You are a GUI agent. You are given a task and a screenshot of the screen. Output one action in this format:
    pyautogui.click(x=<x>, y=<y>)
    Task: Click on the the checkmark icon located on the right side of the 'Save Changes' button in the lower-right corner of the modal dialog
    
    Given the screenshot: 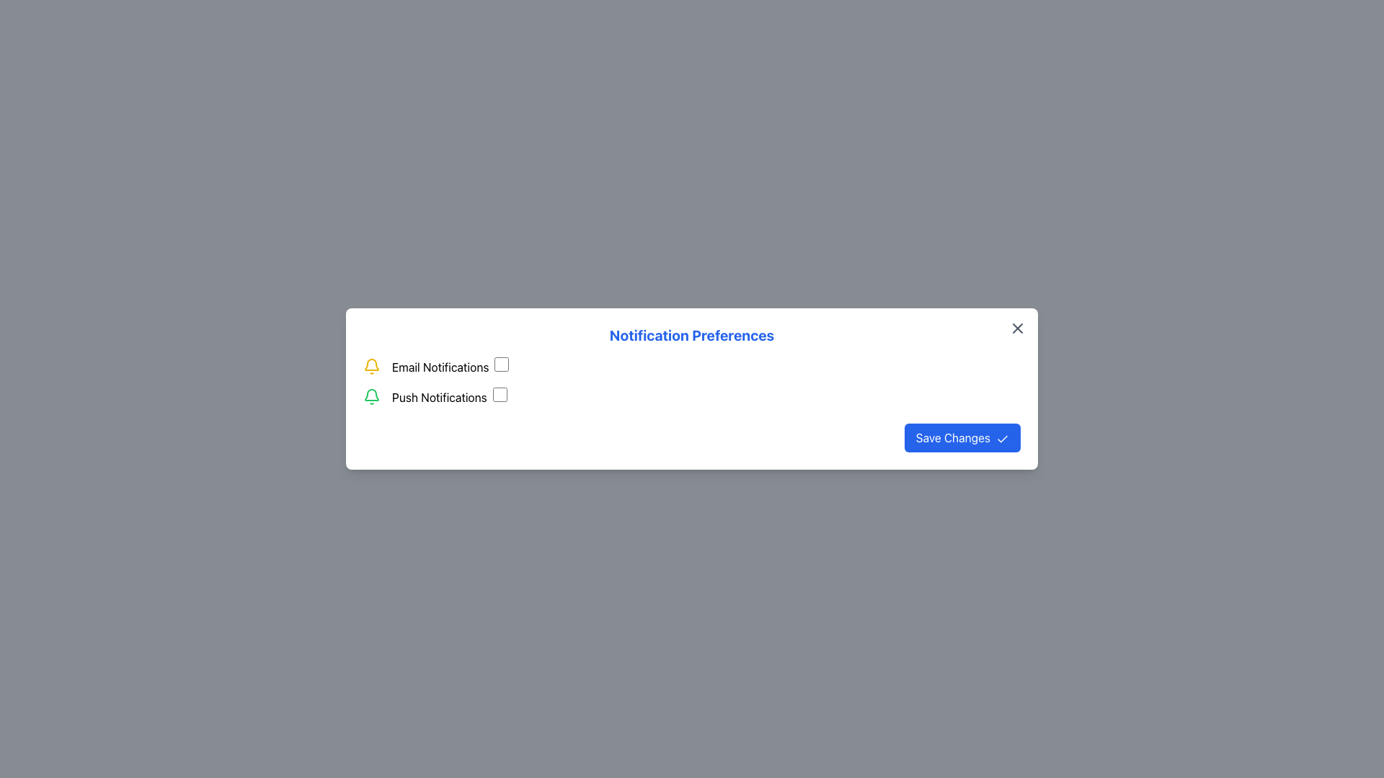 What is the action you would take?
    pyautogui.click(x=1002, y=438)
    